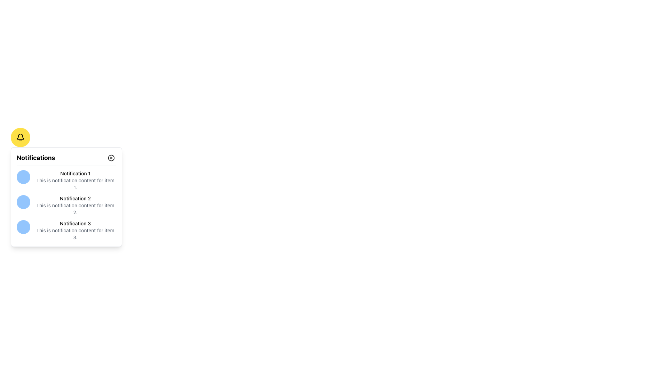 The width and height of the screenshot is (668, 375). What do you see at coordinates (75, 208) in the screenshot?
I see `text component displaying 'This is notification content for item 2.' located within the second notification card titled 'Notification 2.'` at bounding box center [75, 208].